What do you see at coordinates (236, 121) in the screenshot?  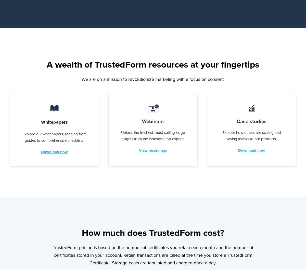 I see `'Case studies'` at bounding box center [236, 121].